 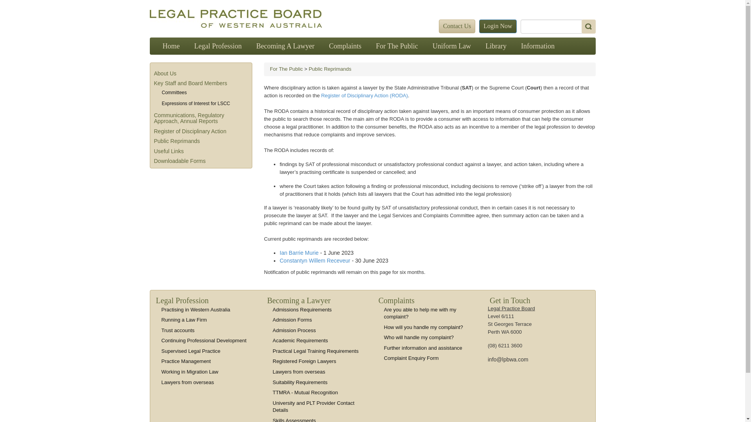 What do you see at coordinates (300, 381) in the screenshot?
I see `'Suitability Requirements'` at bounding box center [300, 381].